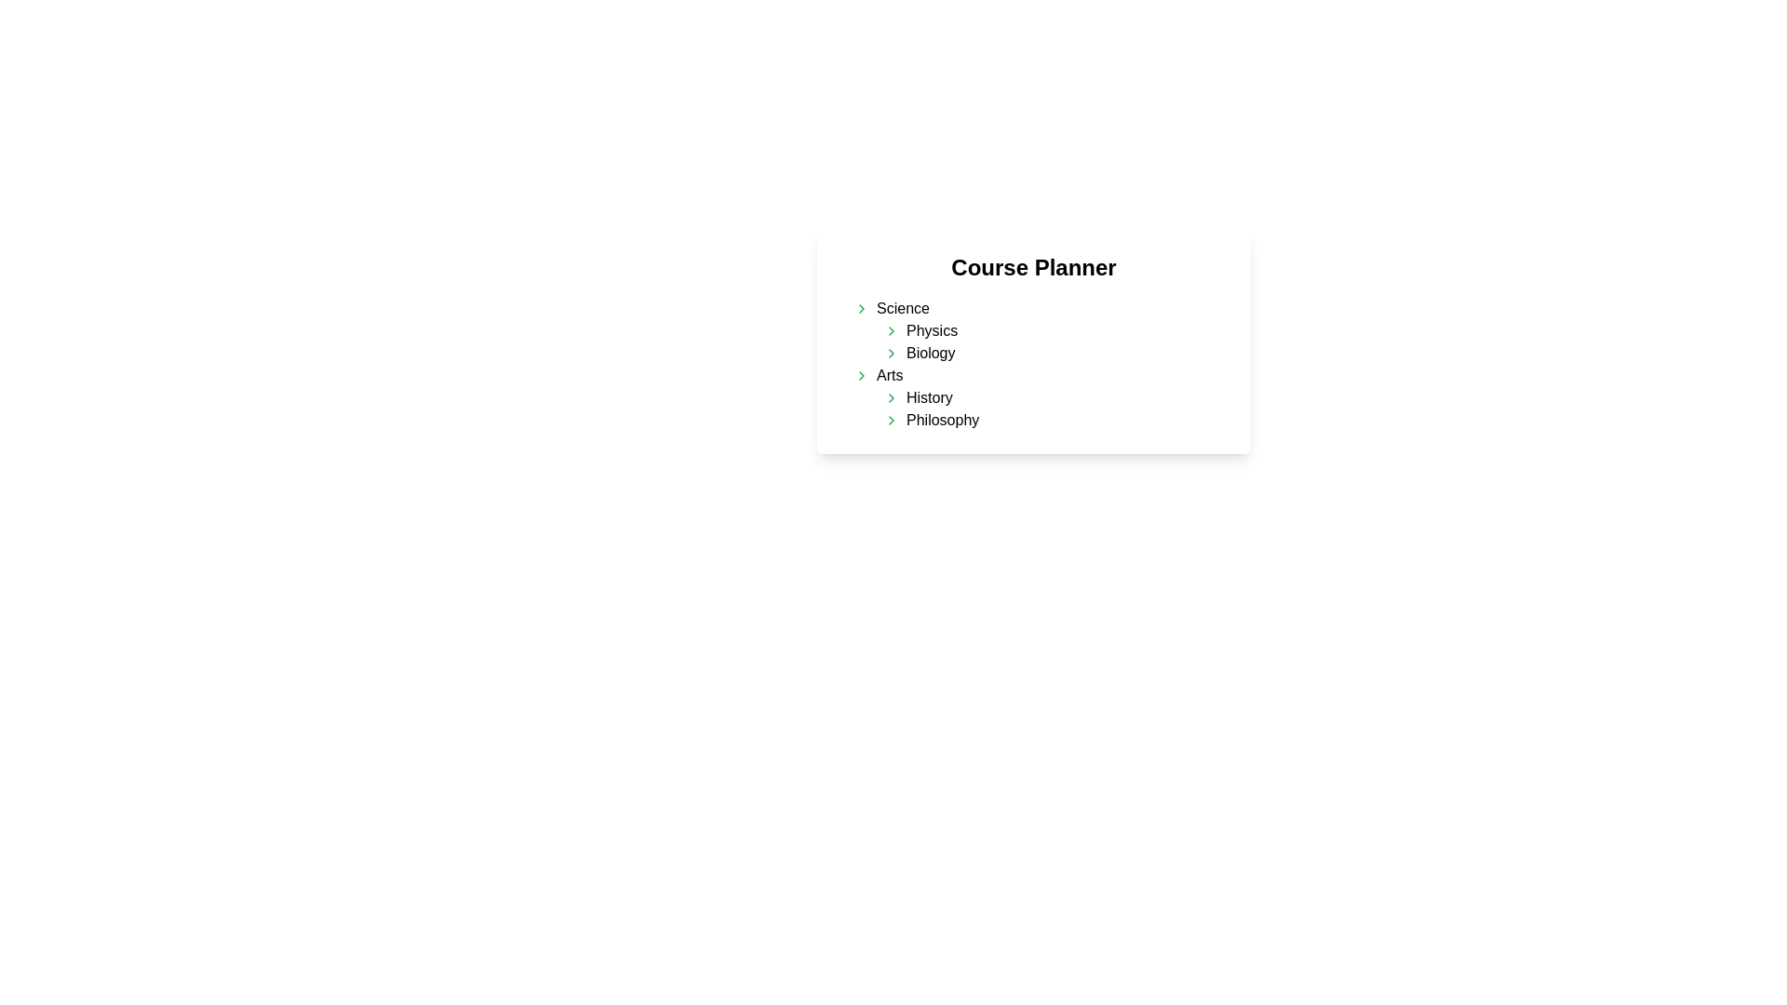 This screenshot has height=1005, width=1787. What do you see at coordinates (891, 354) in the screenshot?
I see `the chevron icon next to the 'Biology' text for highlighting effects` at bounding box center [891, 354].